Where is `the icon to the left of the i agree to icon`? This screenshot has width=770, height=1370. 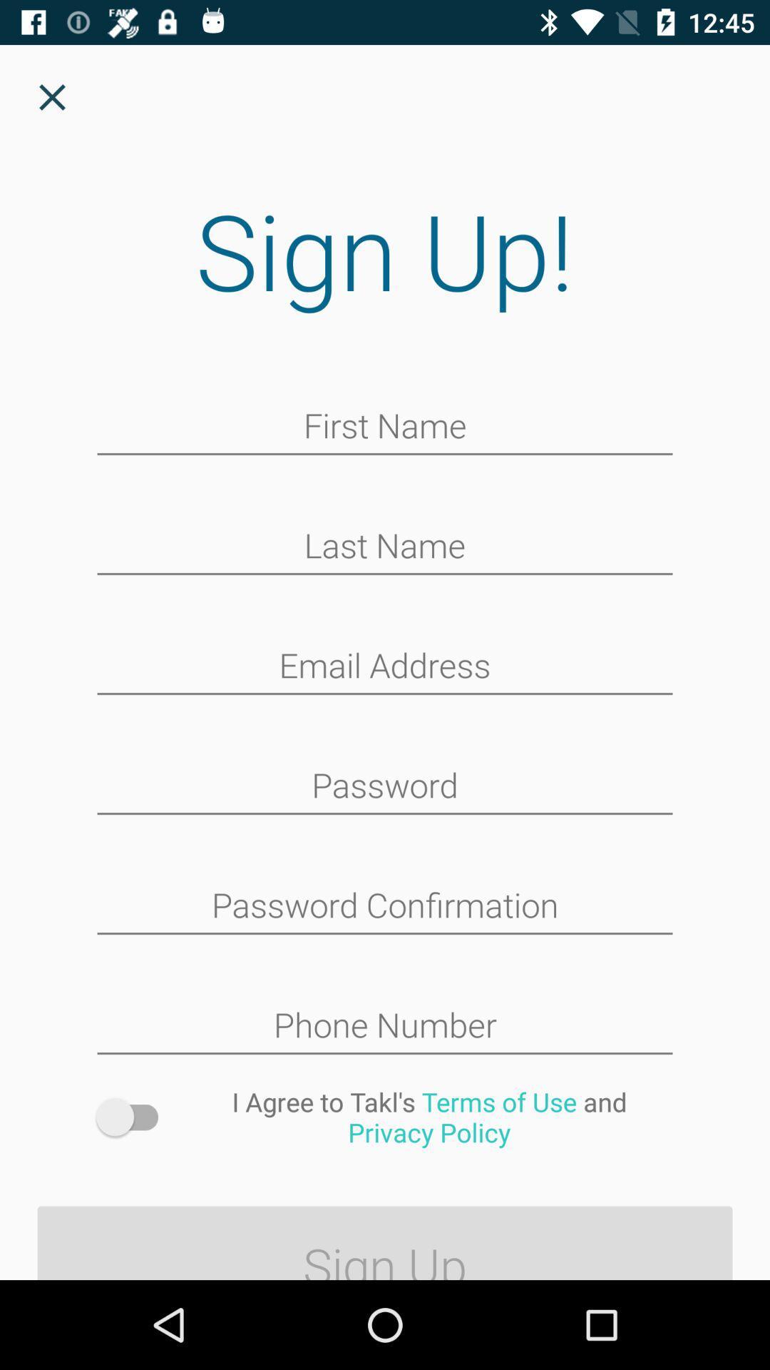
the icon to the left of the i agree to icon is located at coordinates (134, 1116).